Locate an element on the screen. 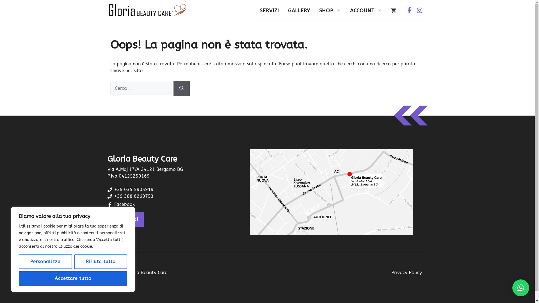 Image resolution: width=539 pixels, height=303 pixels. 'Ricerca per:' is located at coordinates (141, 88).